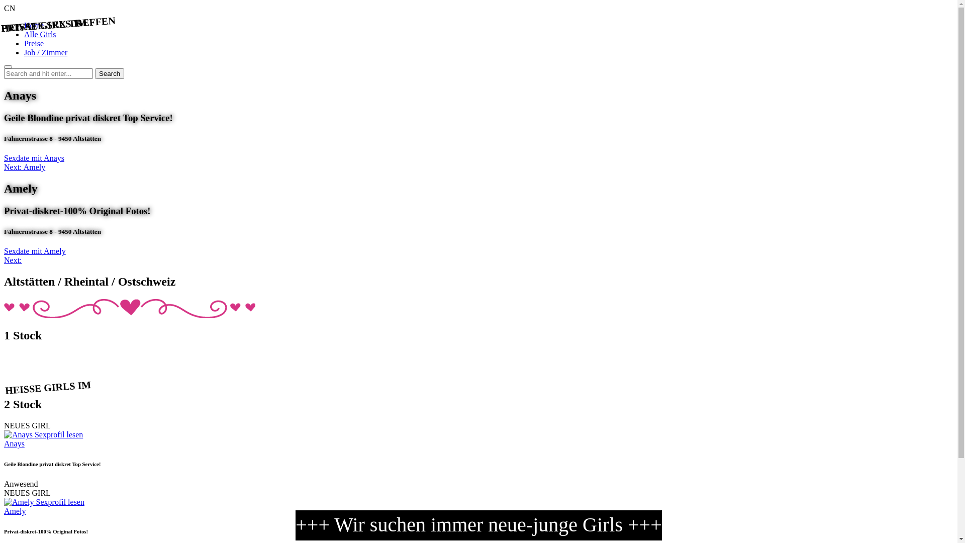 The width and height of the screenshot is (965, 543). I want to click on 'Amely', so click(15, 511).